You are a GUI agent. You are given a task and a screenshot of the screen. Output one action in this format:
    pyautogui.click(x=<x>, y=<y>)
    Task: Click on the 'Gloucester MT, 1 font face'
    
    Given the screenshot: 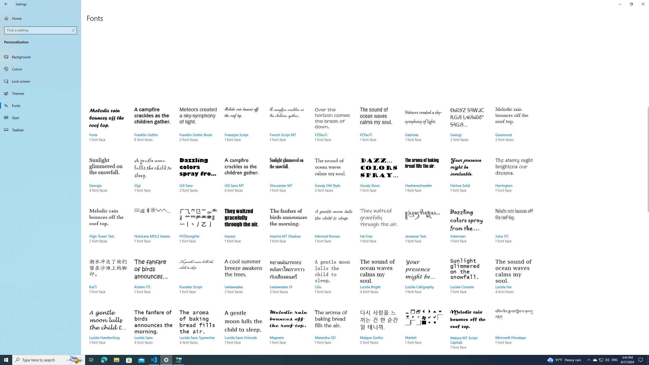 What is the action you would take?
    pyautogui.click(x=289, y=179)
    